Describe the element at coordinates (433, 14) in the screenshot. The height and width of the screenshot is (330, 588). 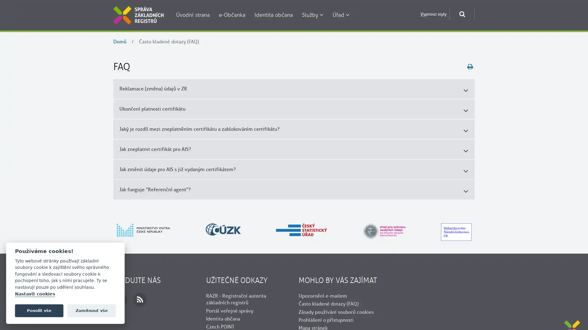
I see `Vypnout styly` at that location.